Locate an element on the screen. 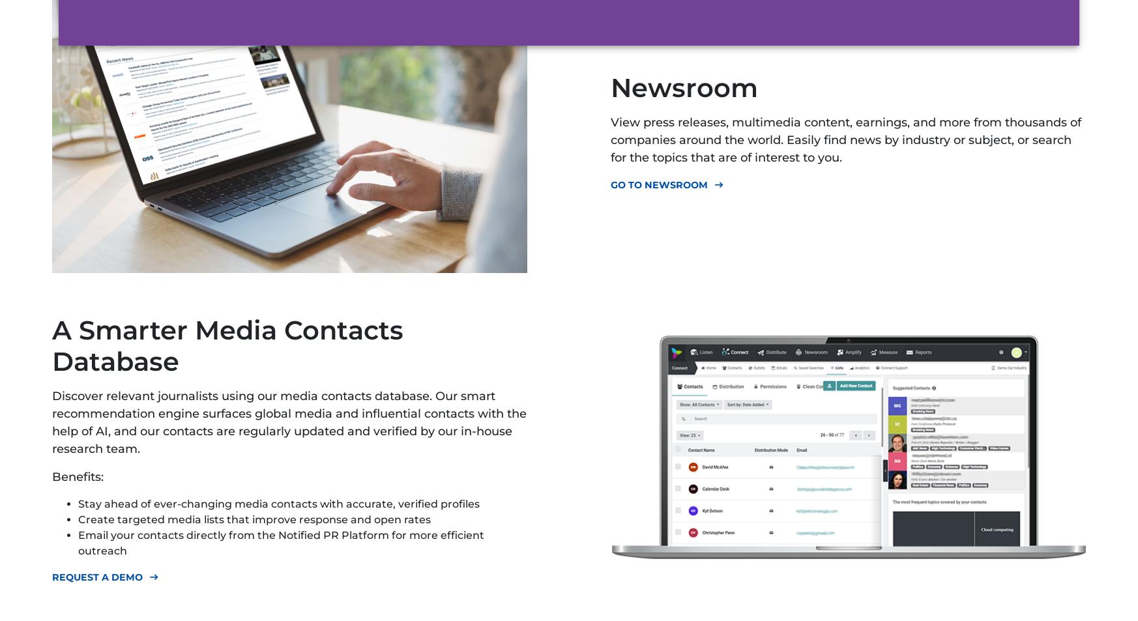 The width and height of the screenshot is (1138, 621). 'Email your contacts directly from the Notified PR Platform for more efficient outreach' is located at coordinates (78, 542).